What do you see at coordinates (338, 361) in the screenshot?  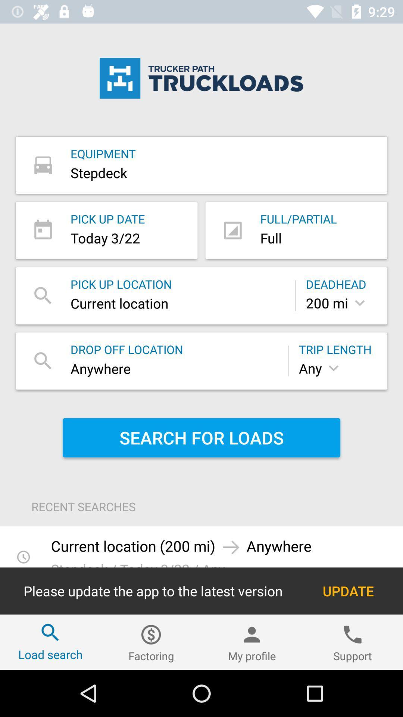 I see `button trip length and below text any followed with dropdown` at bounding box center [338, 361].